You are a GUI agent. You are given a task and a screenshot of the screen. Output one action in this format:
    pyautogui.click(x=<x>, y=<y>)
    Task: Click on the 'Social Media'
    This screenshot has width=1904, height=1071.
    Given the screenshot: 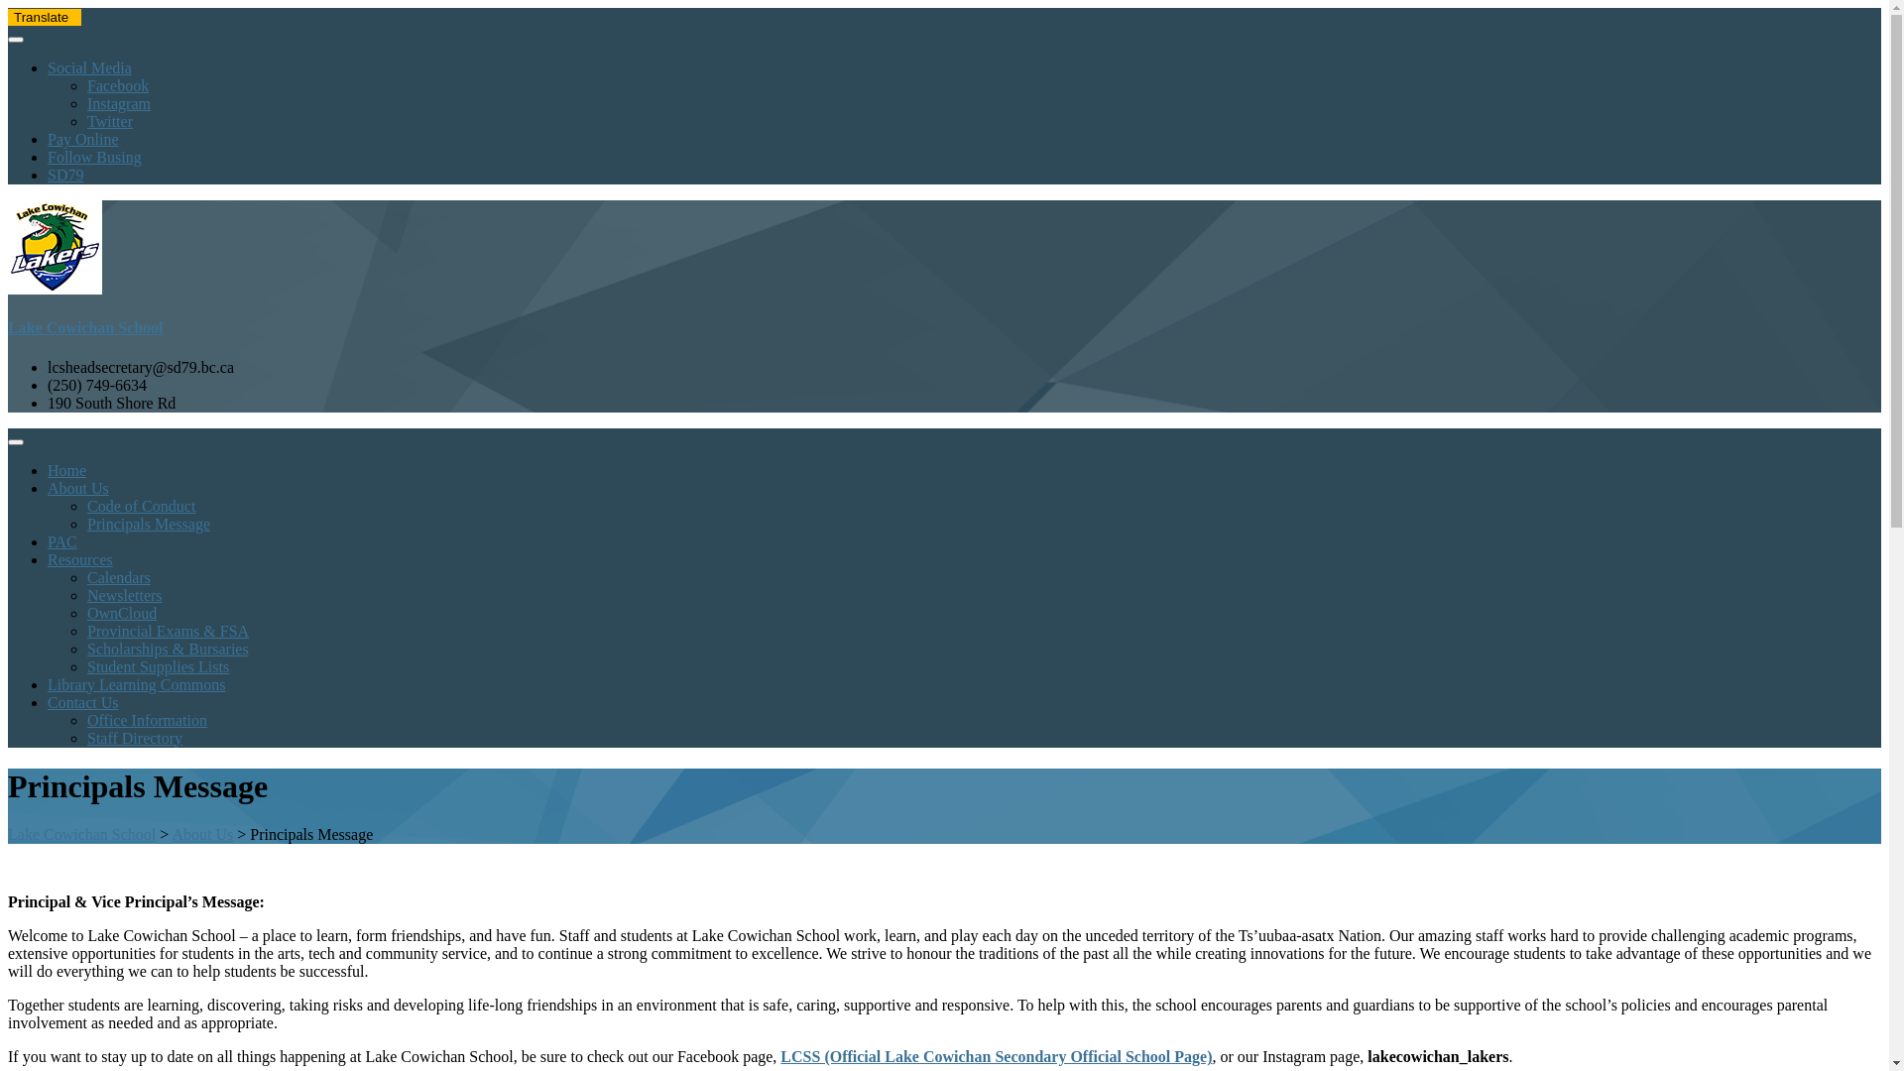 What is the action you would take?
    pyautogui.click(x=88, y=66)
    